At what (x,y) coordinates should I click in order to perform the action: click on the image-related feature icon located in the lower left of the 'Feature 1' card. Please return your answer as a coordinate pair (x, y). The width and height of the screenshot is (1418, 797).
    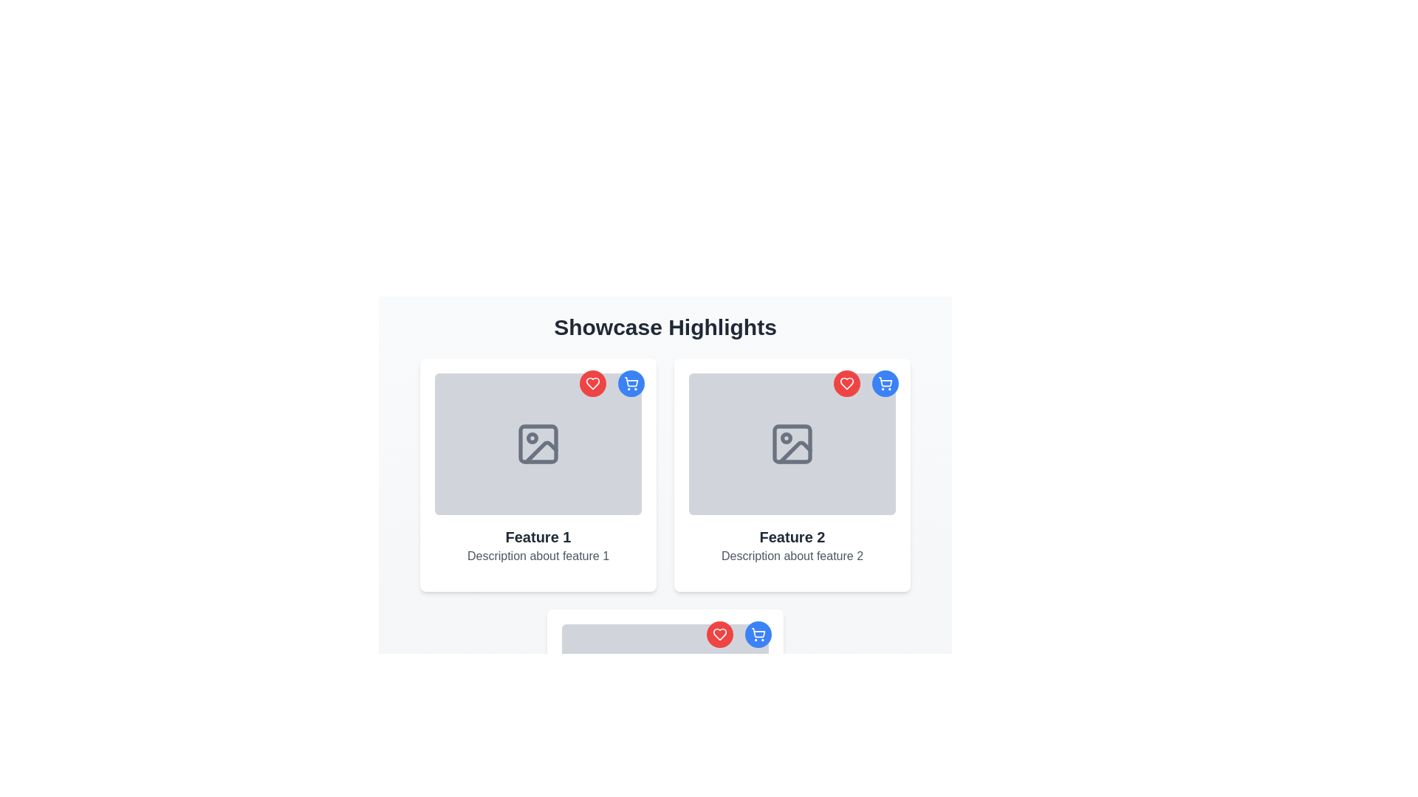
    Looking at the image, I should click on (541, 452).